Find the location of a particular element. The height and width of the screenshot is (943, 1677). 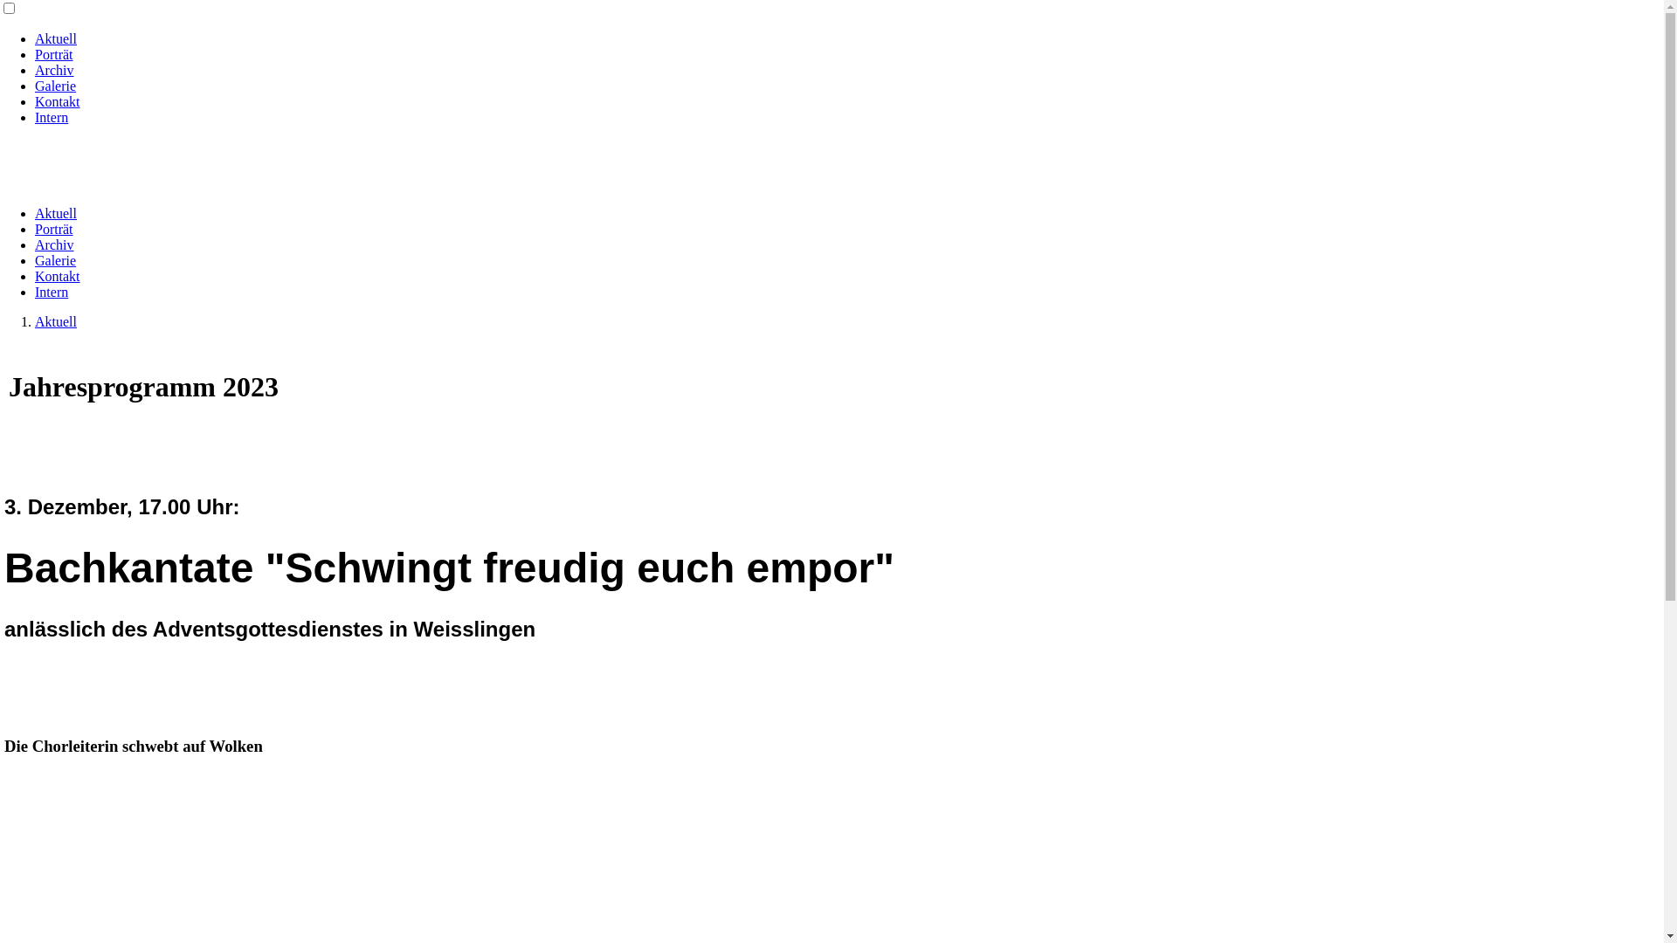

'Galerie' is located at coordinates (55, 260).